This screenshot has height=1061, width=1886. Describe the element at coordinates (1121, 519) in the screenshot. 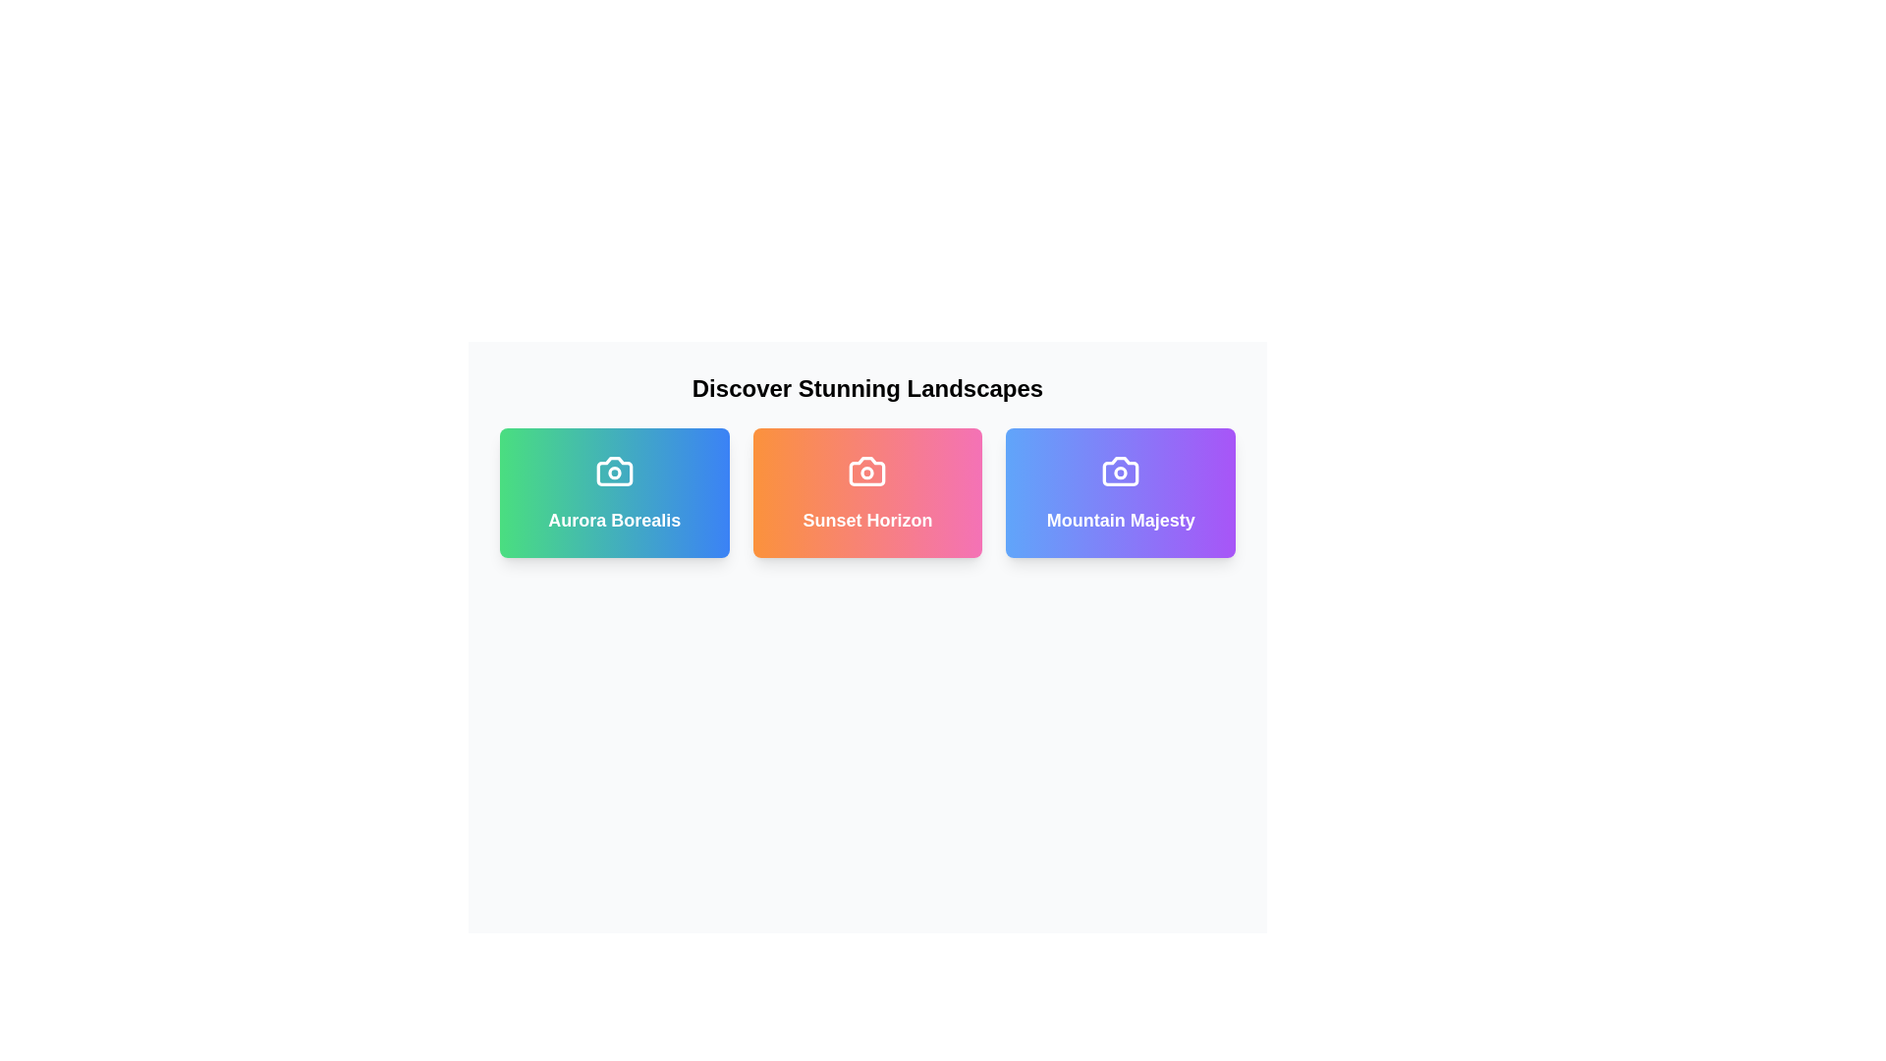

I see `the static text element that serves as the title of the card labeled 'Mountain Majesty', located at the bottom center of the rightmost card in a horizontal set of three cards` at that location.